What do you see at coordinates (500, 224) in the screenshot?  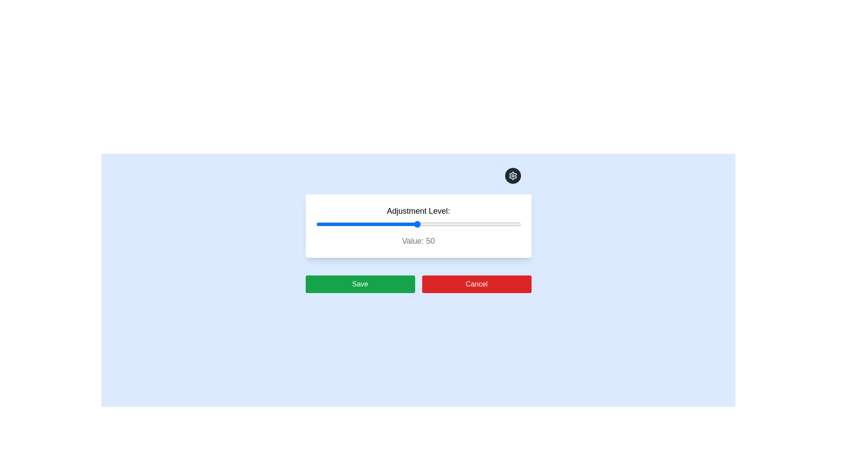 I see `the adjustment level` at bounding box center [500, 224].